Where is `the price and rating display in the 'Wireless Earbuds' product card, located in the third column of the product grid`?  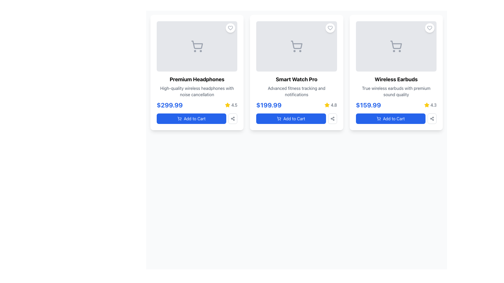
the price and rating display in the 'Wireless Earbuds' product card, located in the third column of the product grid is located at coordinates (396, 105).